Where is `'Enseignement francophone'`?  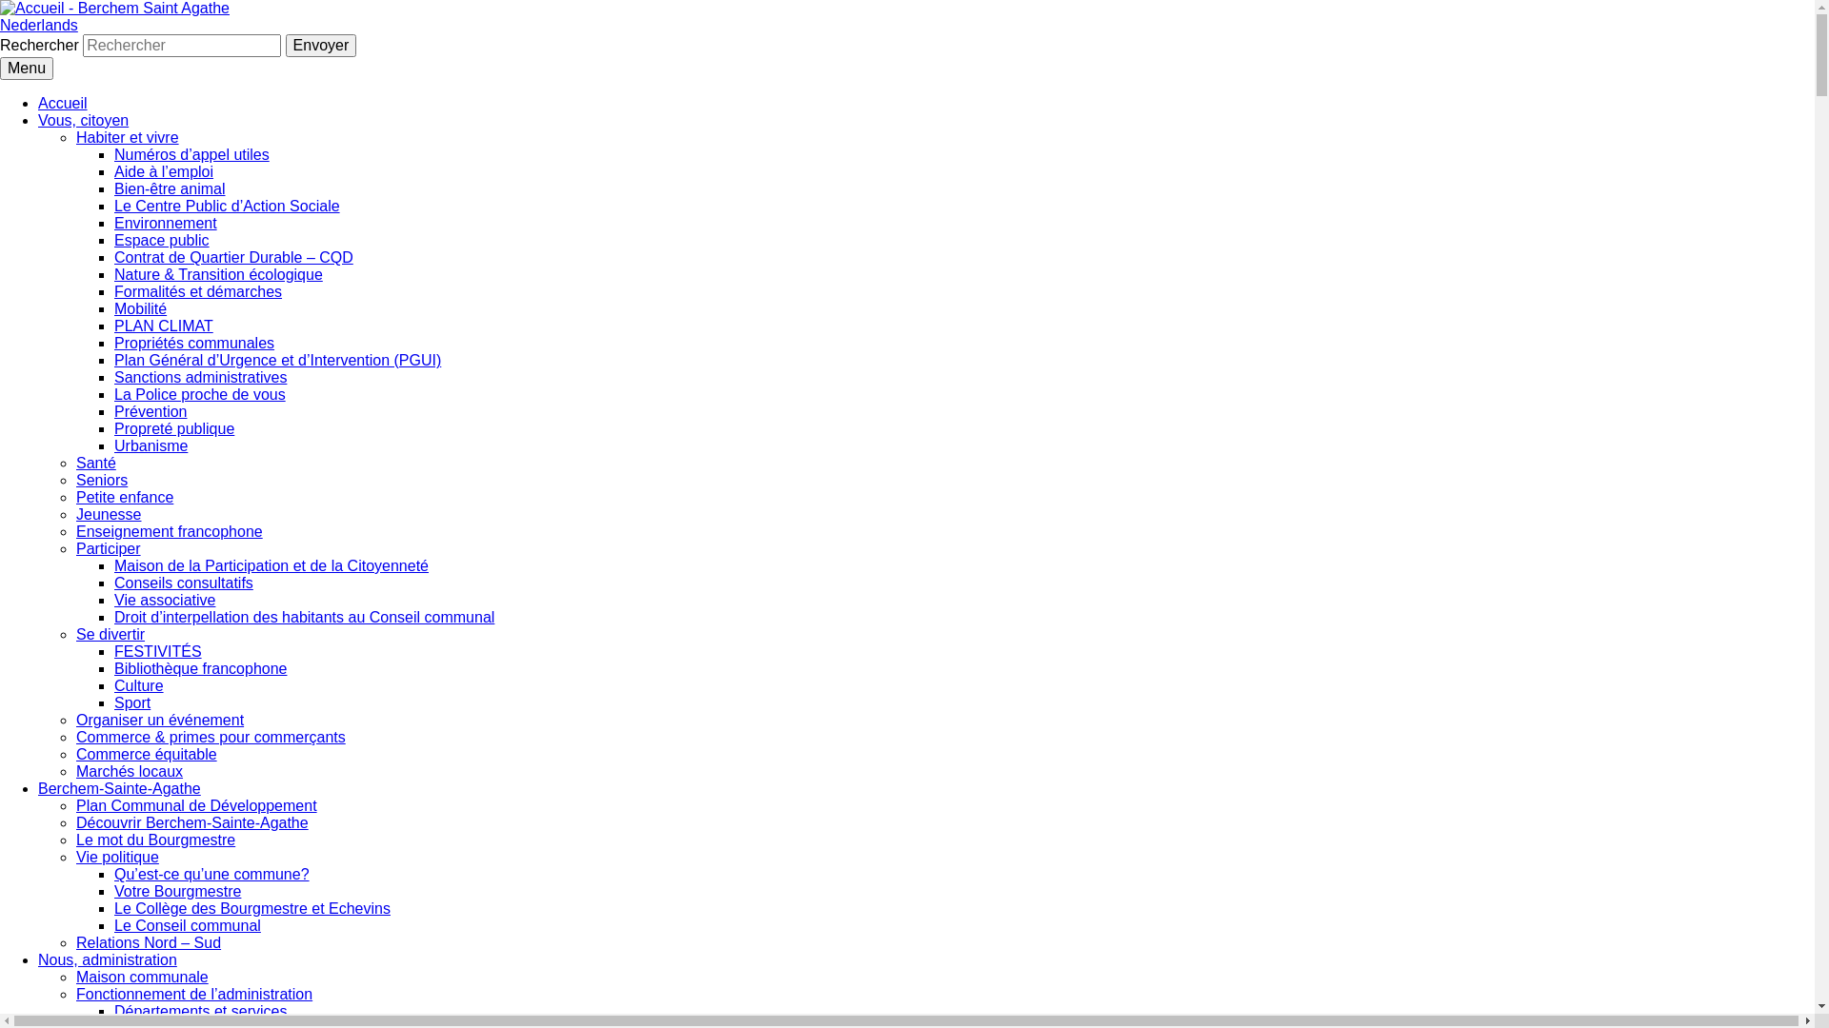
'Enseignement francophone' is located at coordinates (169, 531).